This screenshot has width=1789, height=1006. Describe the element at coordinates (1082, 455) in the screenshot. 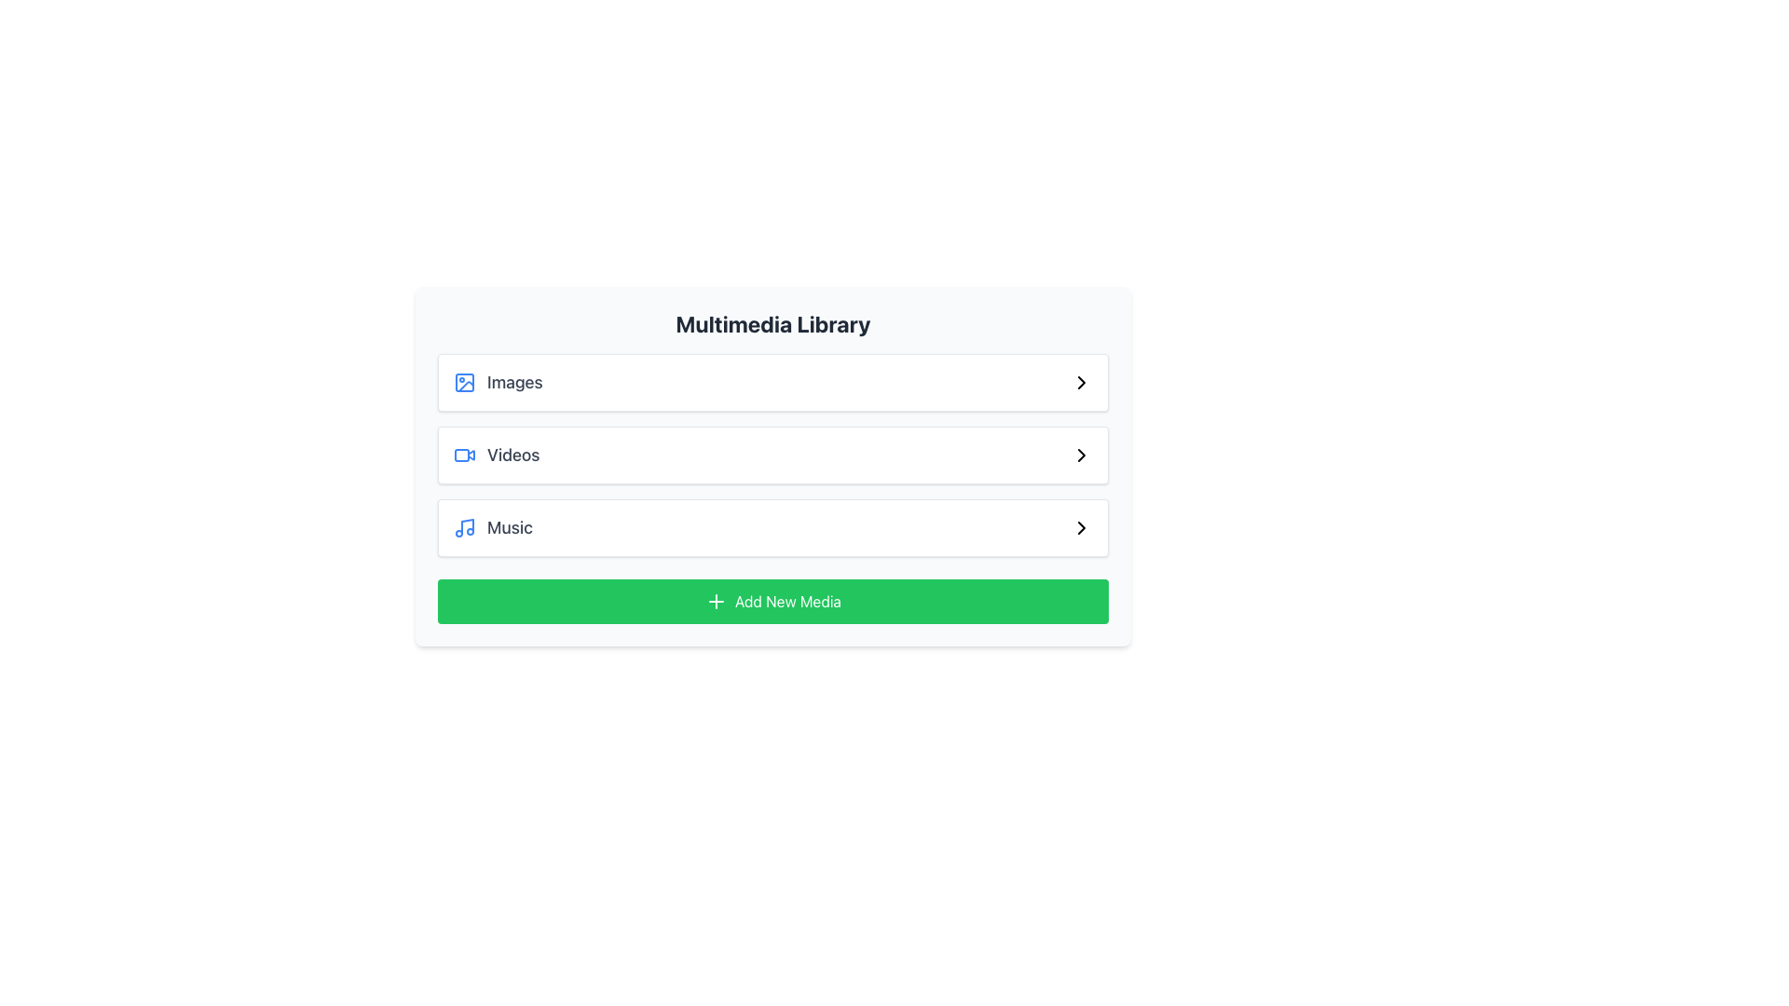

I see `the rightward-pointing chevron icon button located adjacent to the 'Videos' text label` at that location.